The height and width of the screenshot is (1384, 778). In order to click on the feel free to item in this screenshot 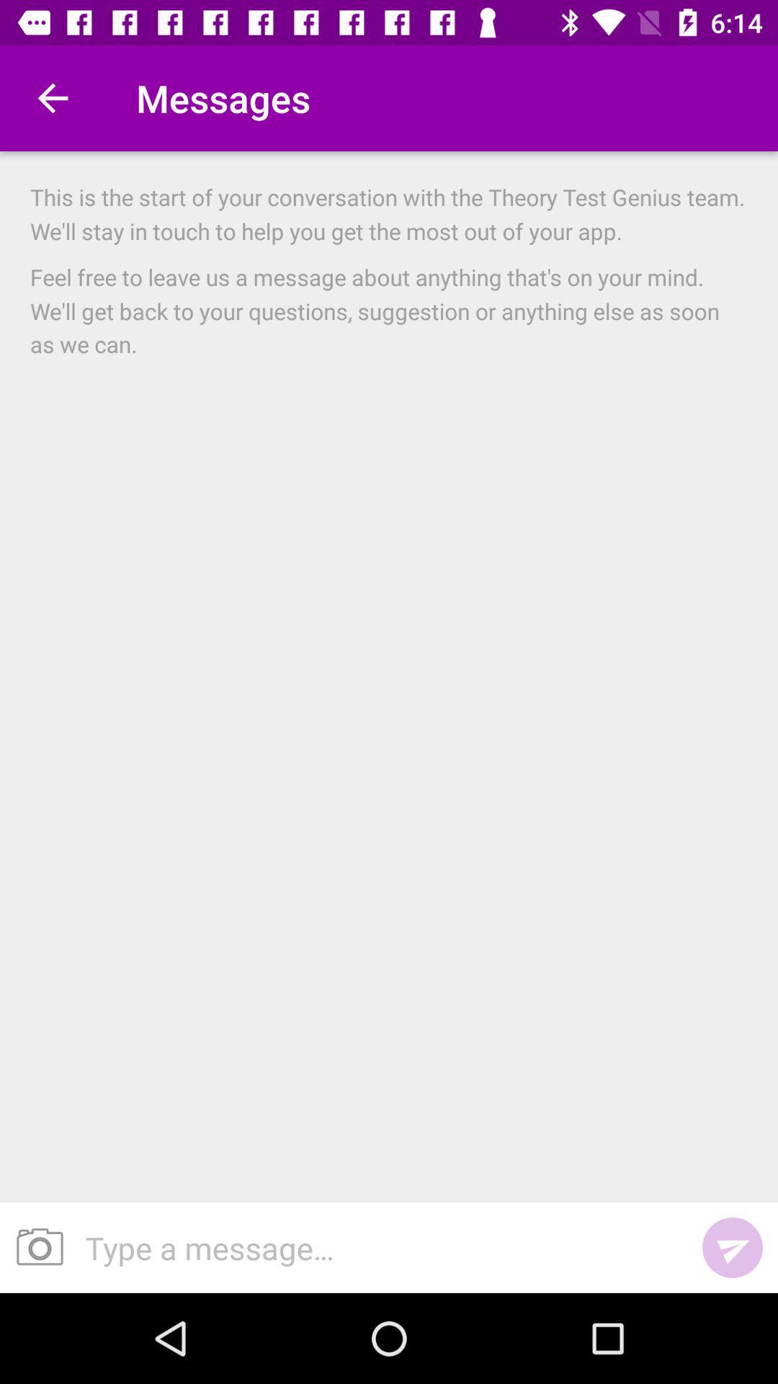, I will do `click(389, 309)`.